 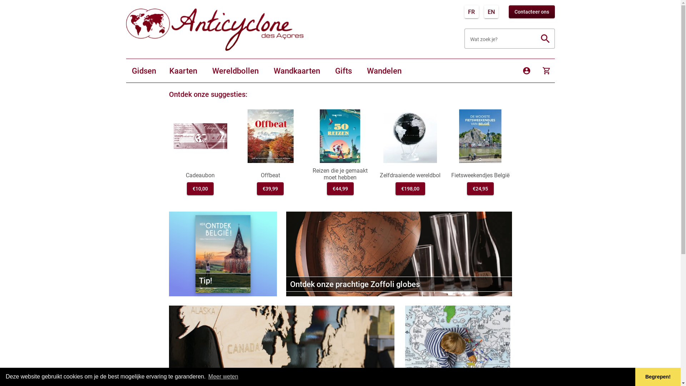 What do you see at coordinates (125, 70) in the screenshot?
I see `'Gidsen'` at bounding box center [125, 70].